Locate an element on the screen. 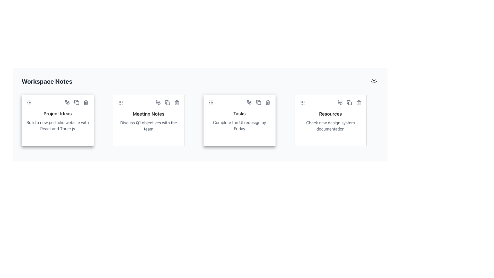 This screenshot has width=494, height=278. the copy icon located in the top-right area of the 'Project Ideas' card is located at coordinates (77, 103).